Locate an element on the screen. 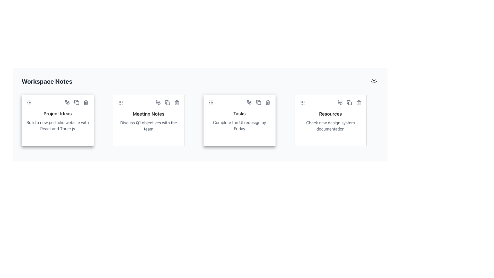 This screenshot has width=494, height=278. the copy icon located in the top-right area of the 'Project Ideas' card is located at coordinates (77, 103).